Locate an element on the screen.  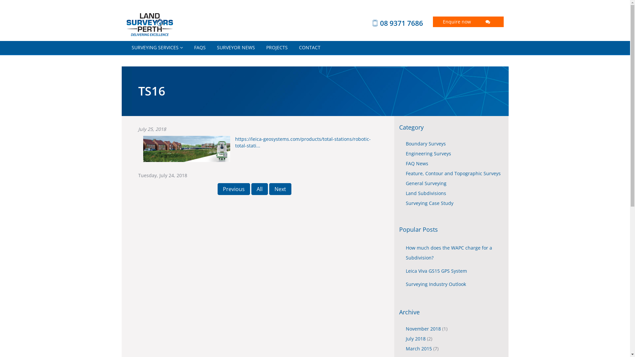
'Engineering Surveys' is located at coordinates (428, 153).